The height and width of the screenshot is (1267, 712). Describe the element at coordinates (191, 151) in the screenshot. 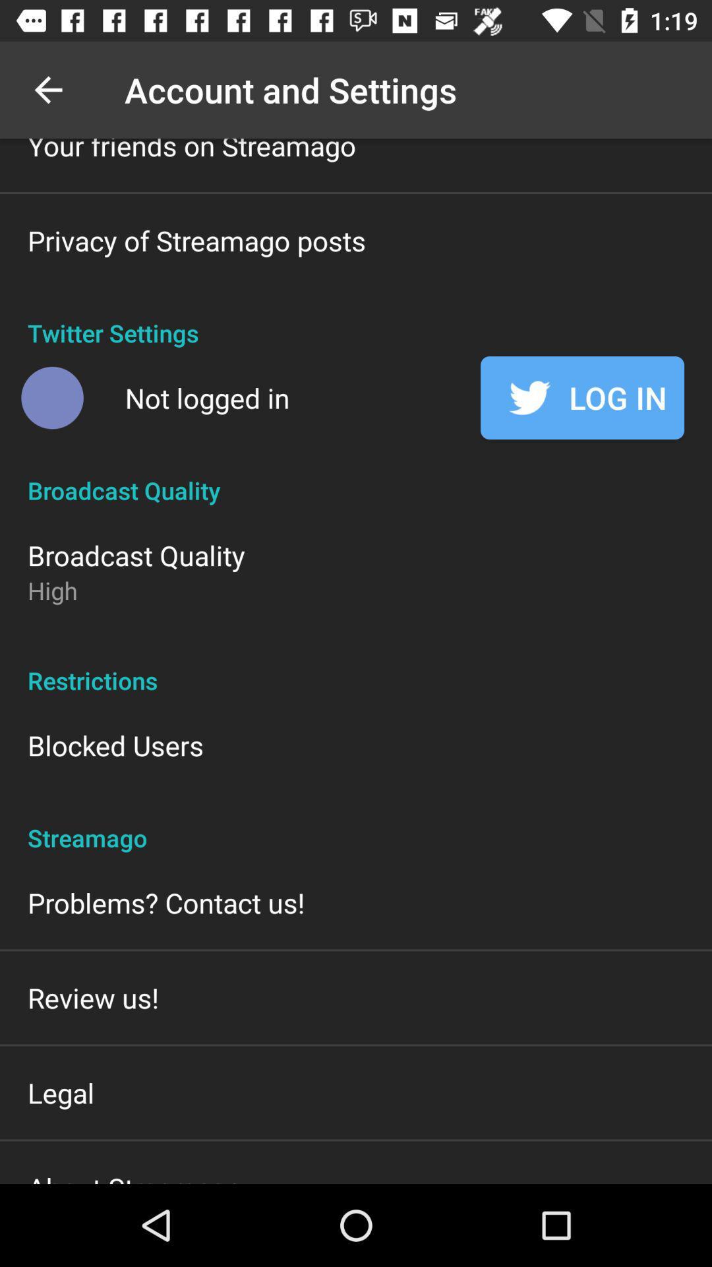

I see `the your friends on` at that location.